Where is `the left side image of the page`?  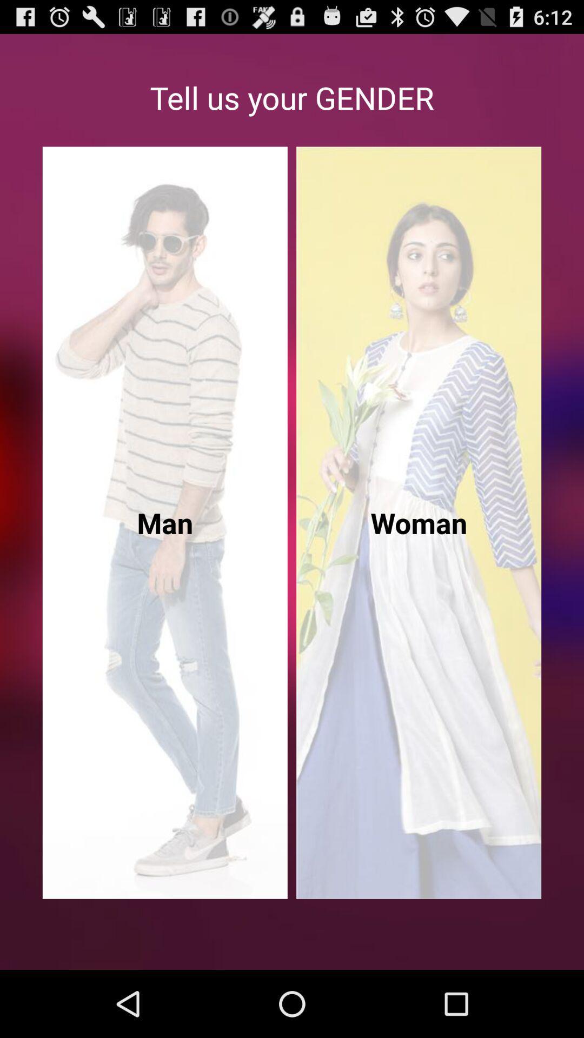
the left side image of the page is located at coordinates (165, 523).